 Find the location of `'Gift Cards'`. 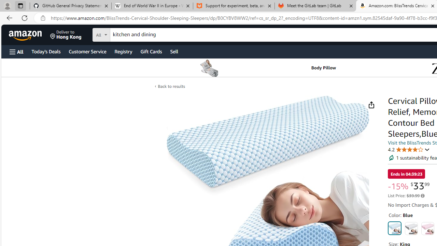

'Gift Cards' is located at coordinates (151, 51).